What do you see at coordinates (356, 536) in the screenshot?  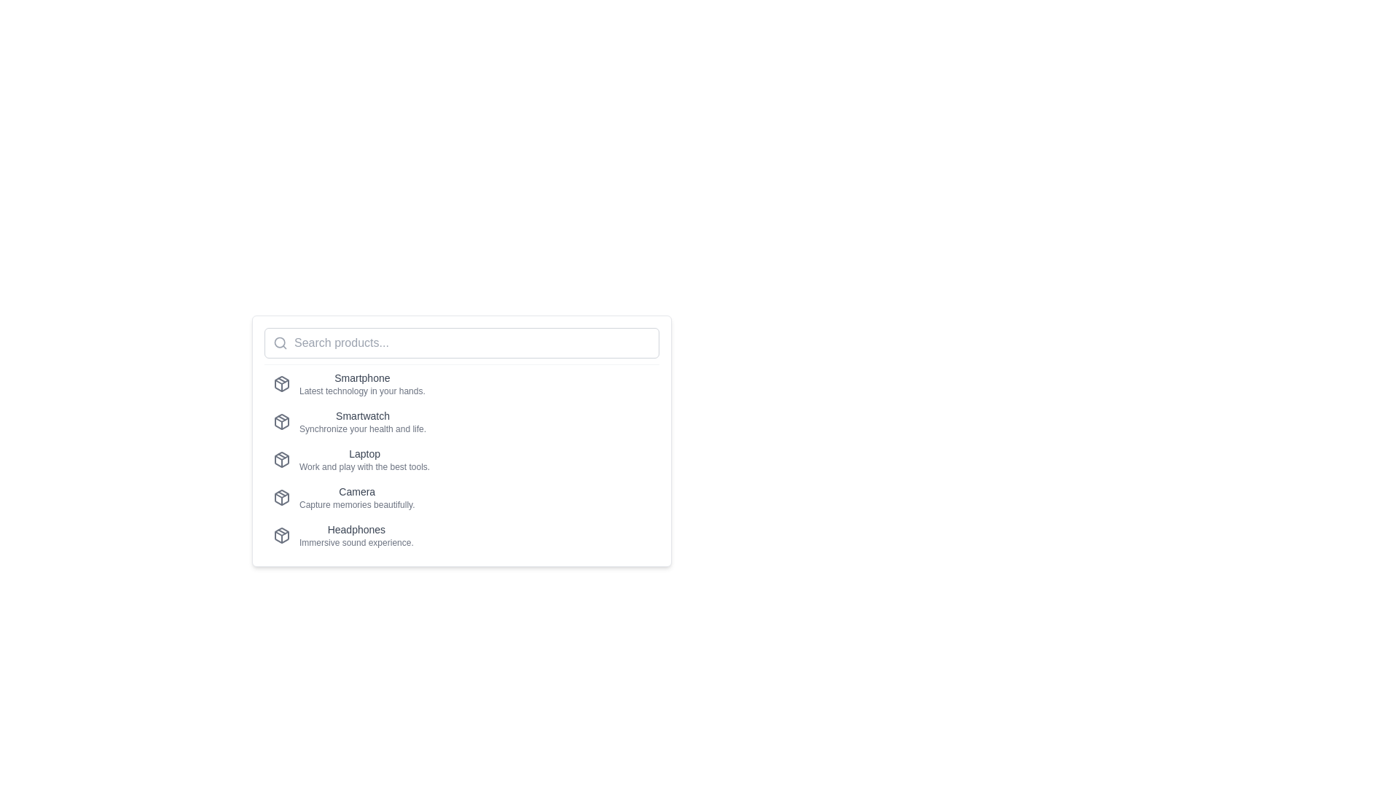 I see `the text block that describes the product 'Headphones' in the fifth row of the search results` at bounding box center [356, 536].